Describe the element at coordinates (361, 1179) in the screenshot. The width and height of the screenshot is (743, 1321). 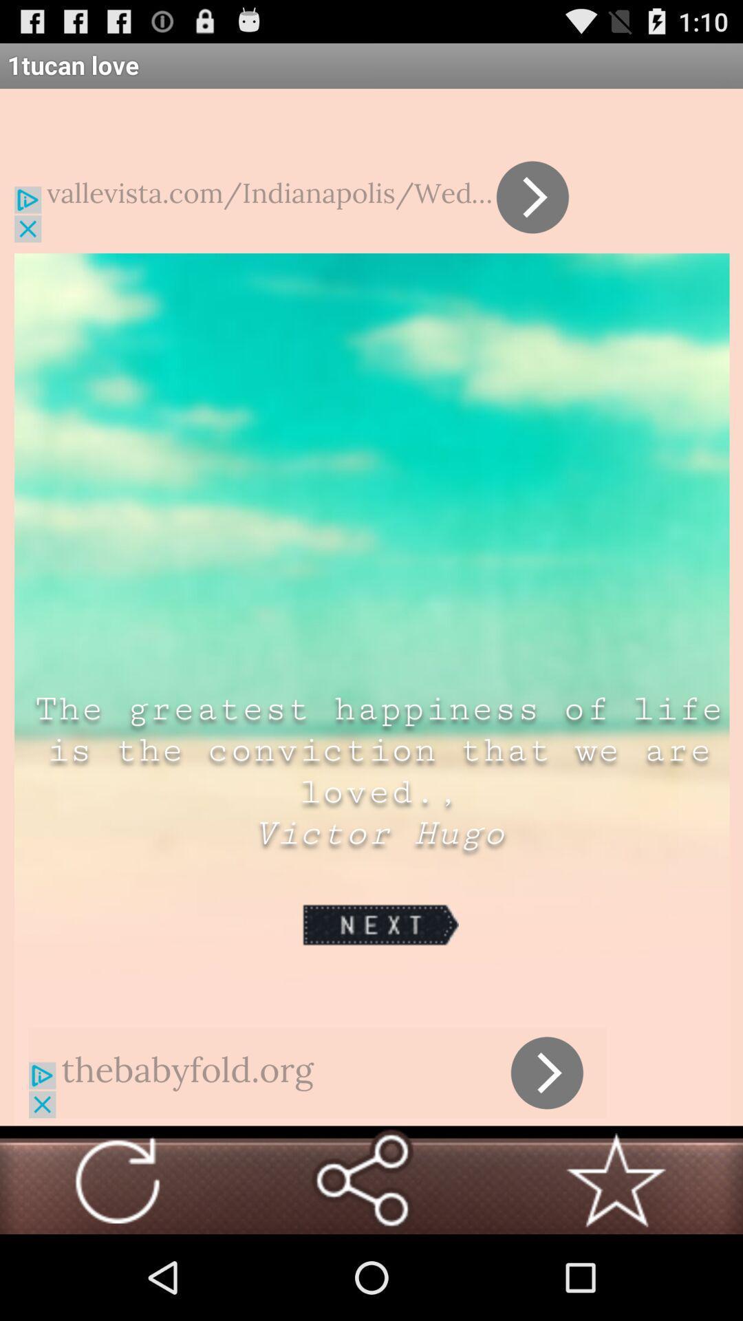
I see `share` at that location.